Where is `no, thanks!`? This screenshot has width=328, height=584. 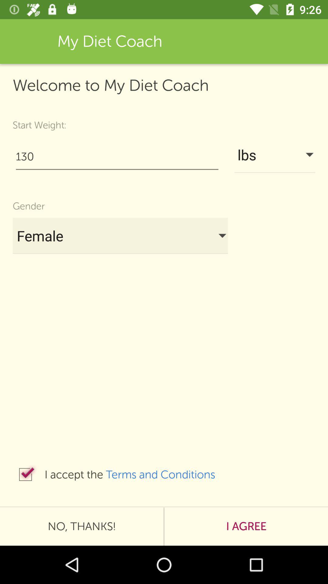
no, thanks! is located at coordinates (81, 526).